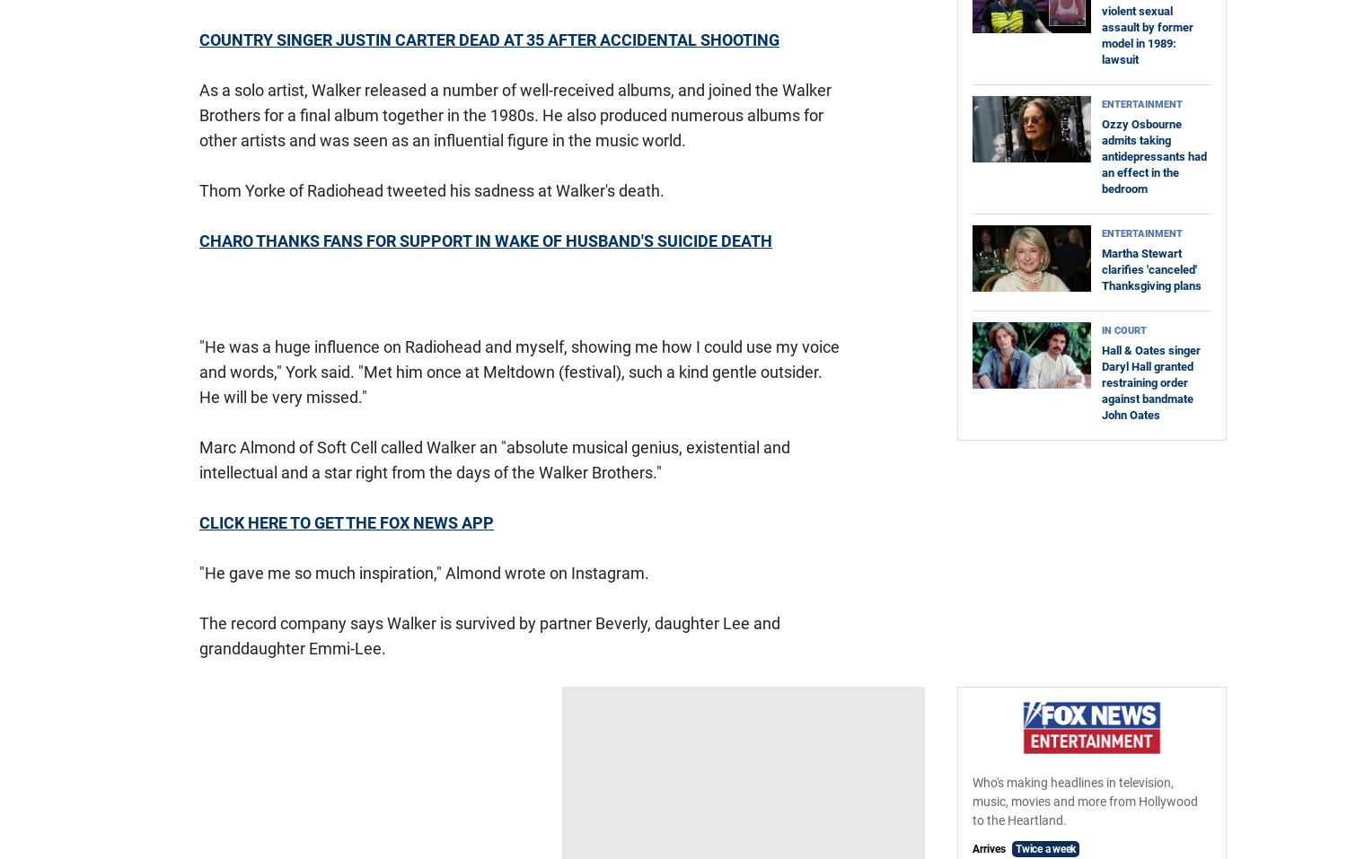  I want to click on '"He was a huge influence on Radiohead and myself, showing me how I could use my voice and words," York said. "Met him once at Meltdown (festival), such a kind gentle outsider. He will be very missed."', so click(518, 371).